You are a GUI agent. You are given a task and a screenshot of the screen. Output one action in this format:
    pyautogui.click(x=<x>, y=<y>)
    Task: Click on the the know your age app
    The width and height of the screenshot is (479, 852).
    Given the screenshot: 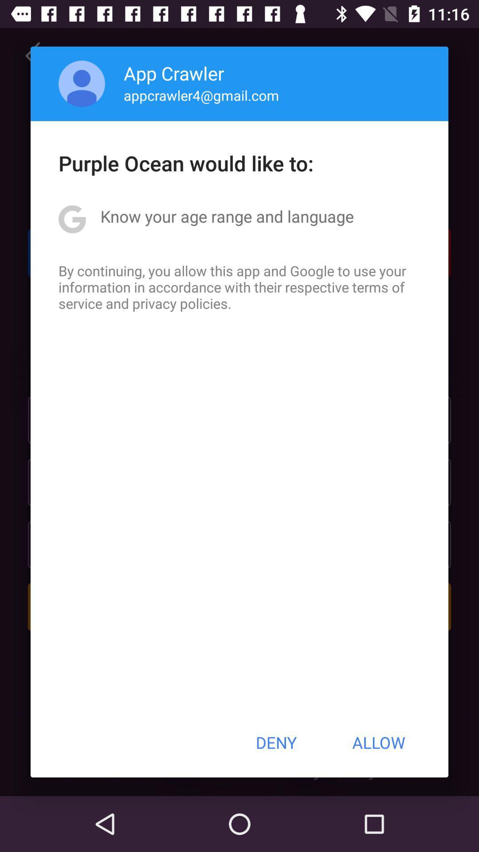 What is the action you would take?
    pyautogui.click(x=227, y=216)
    